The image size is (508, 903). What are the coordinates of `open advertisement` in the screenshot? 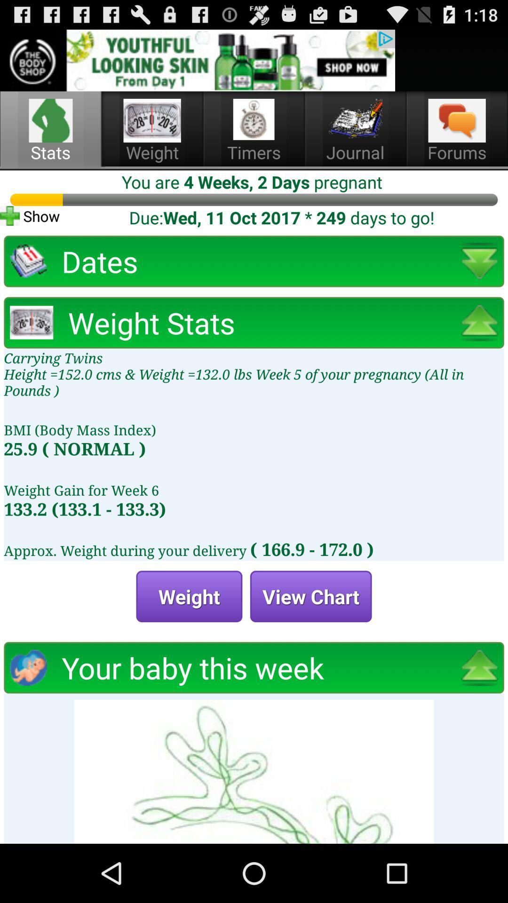 It's located at (197, 60).